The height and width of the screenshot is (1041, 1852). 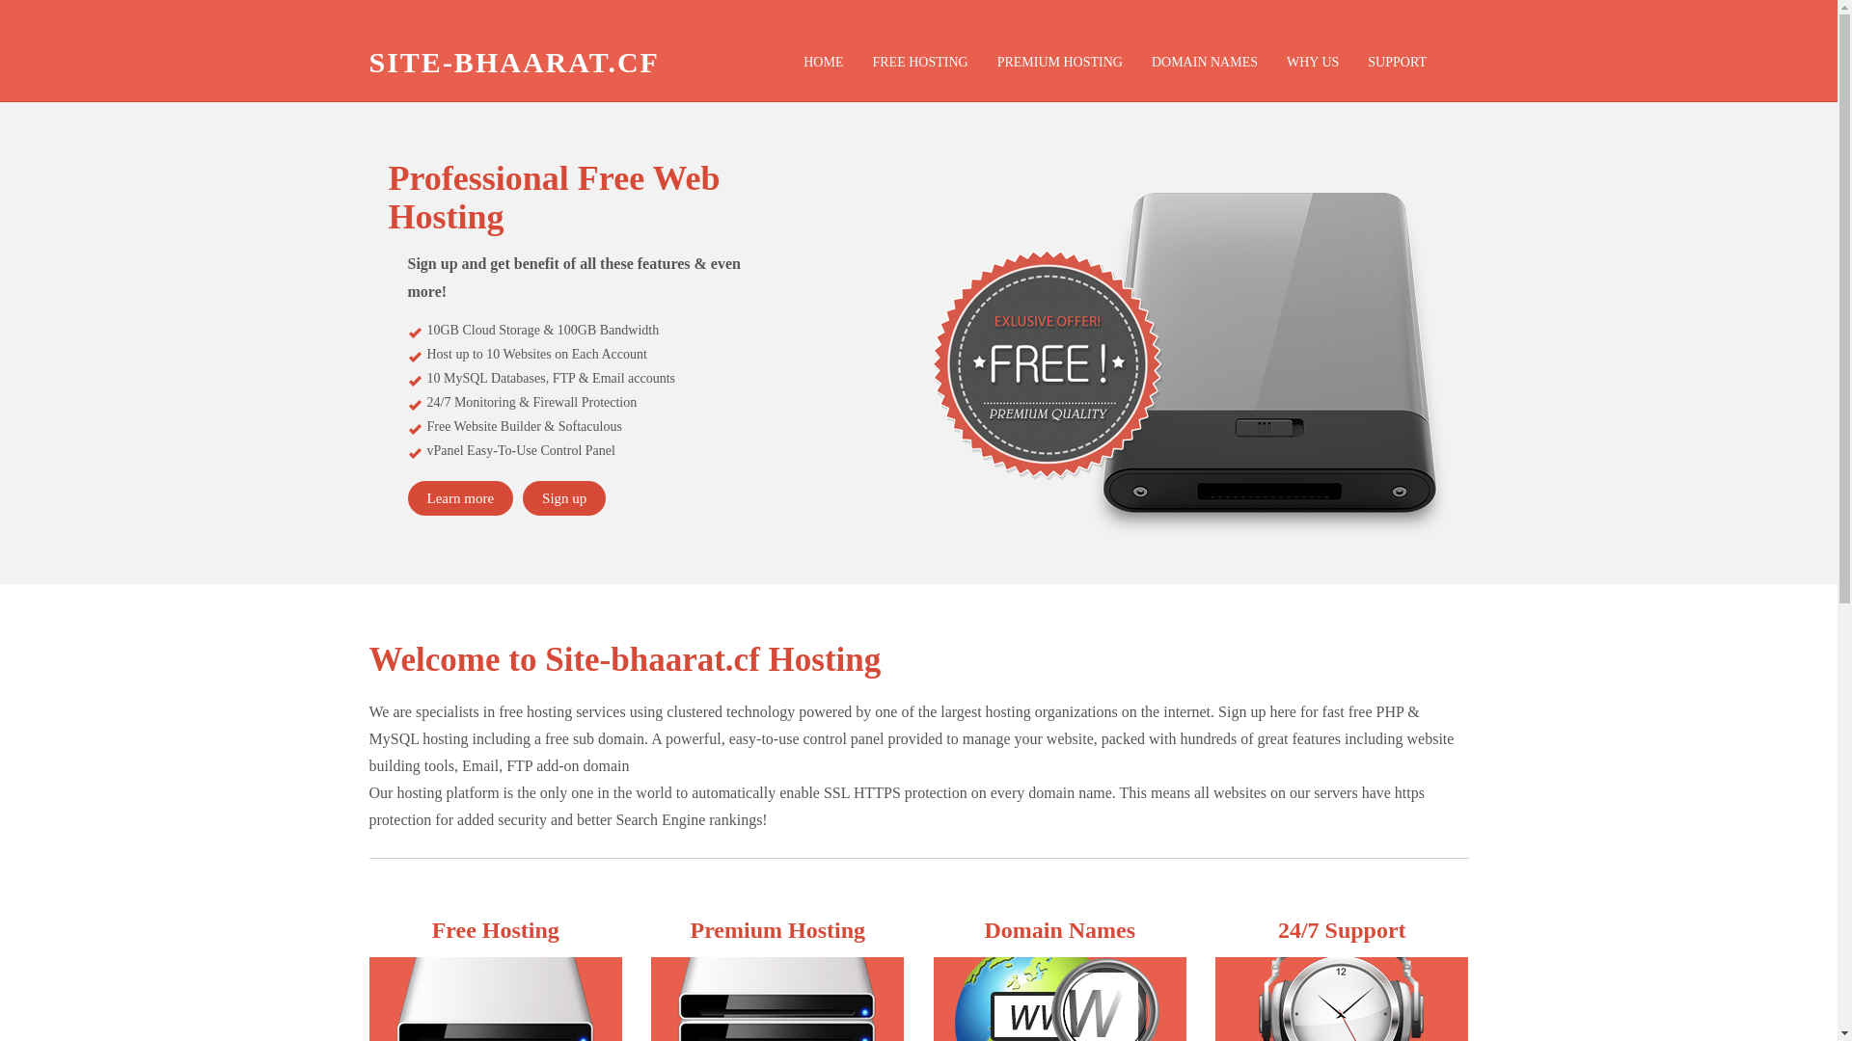 What do you see at coordinates (458, 496) in the screenshot?
I see `'Learn more'` at bounding box center [458, 496].